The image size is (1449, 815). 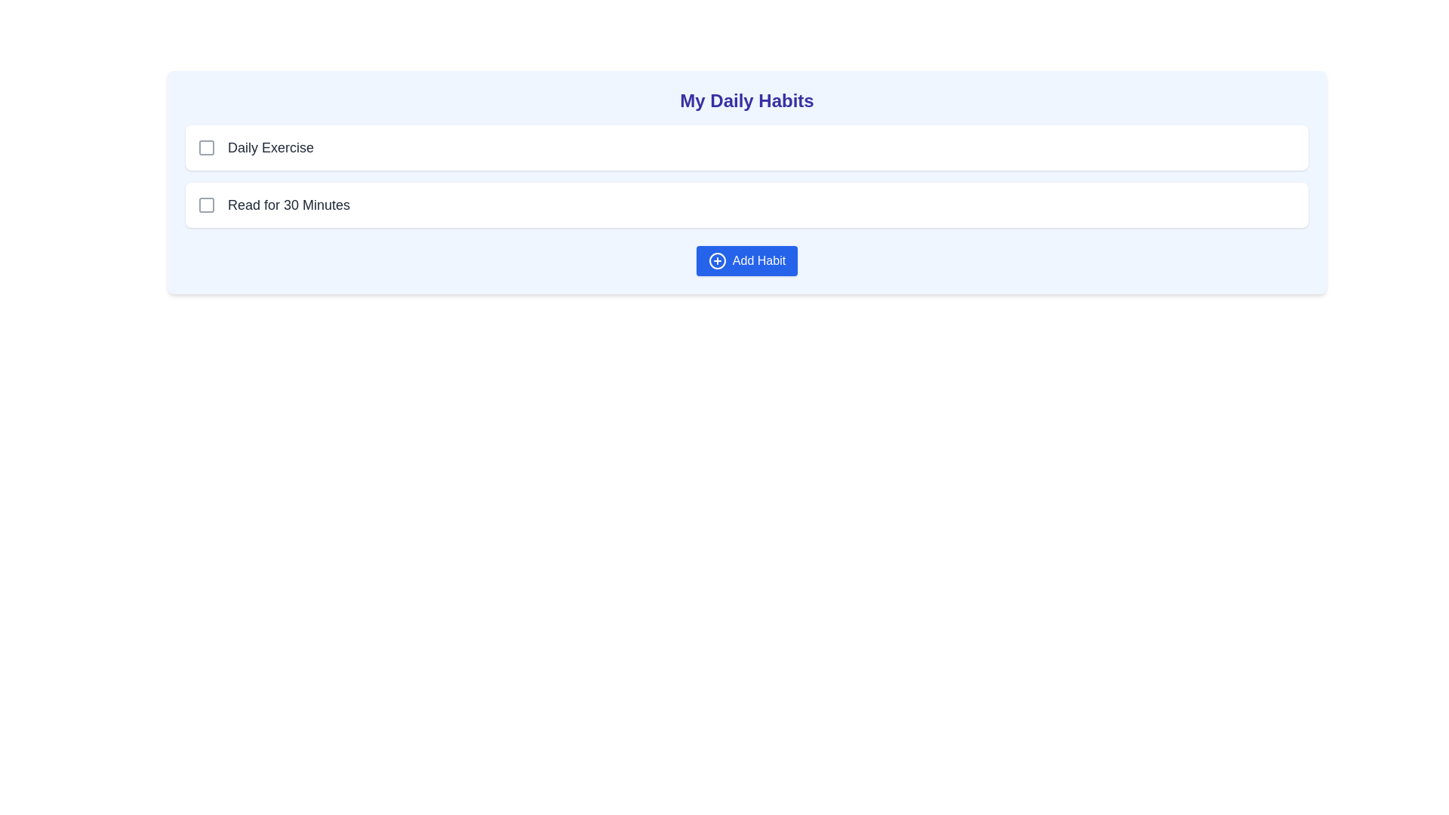 I want to click on the 'Add Habit' button, which is a rectangular button with rounded corners, a blue background, and white text, so click(x=746, y=260).